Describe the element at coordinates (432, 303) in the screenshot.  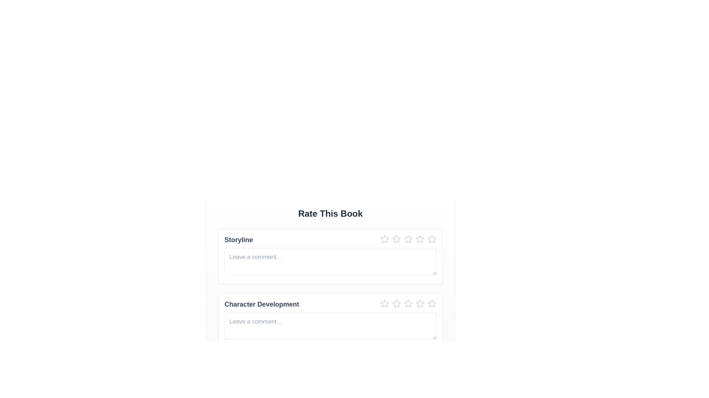
I see `the Rating star icon located at the far right of the horizontal row of five star icons under the 'Character Development' header in the second section of the rating form` at that location.